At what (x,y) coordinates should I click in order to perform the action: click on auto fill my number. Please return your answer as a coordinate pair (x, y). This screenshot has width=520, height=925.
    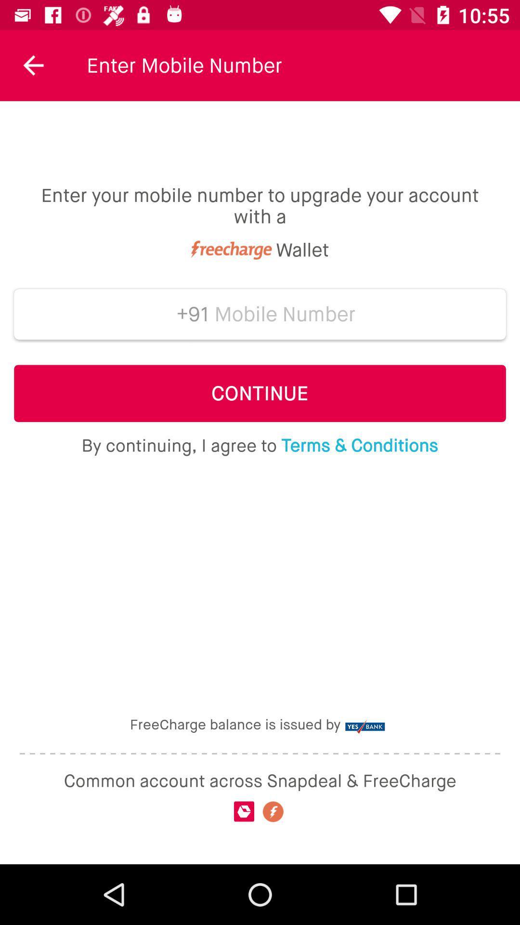
    Looking at the image, I should click on (285, 314).